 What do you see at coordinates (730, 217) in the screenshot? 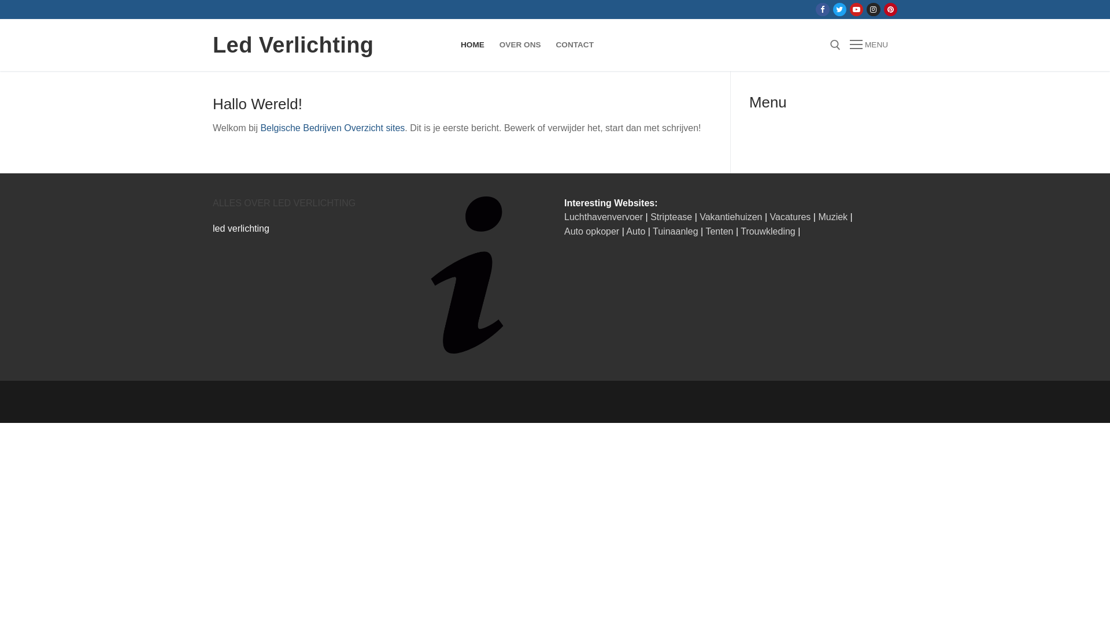
I see `'Vakantiehuizen'` at bounding box center [730, 217].